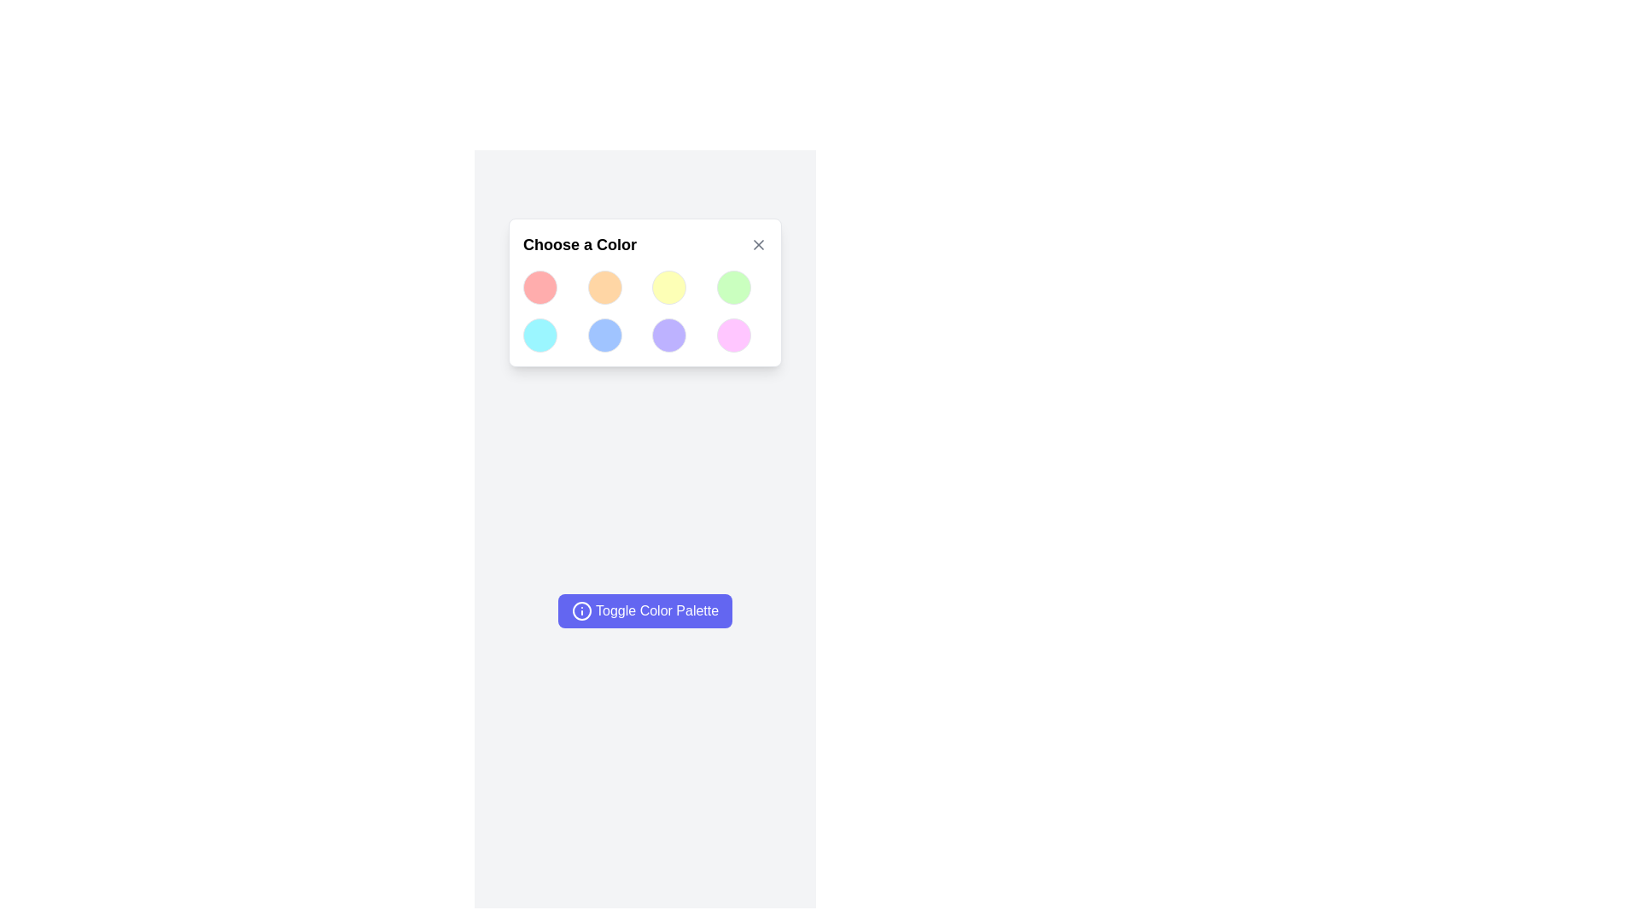 The height and width of the screenshot is (922, 1639). What do you see at coordinates (757, 244) in the screenshot?
I see `the close icon located in the top-right corner of the color selection interface, next to the title 'Choose a Color'` at bounding box center [757, 244].